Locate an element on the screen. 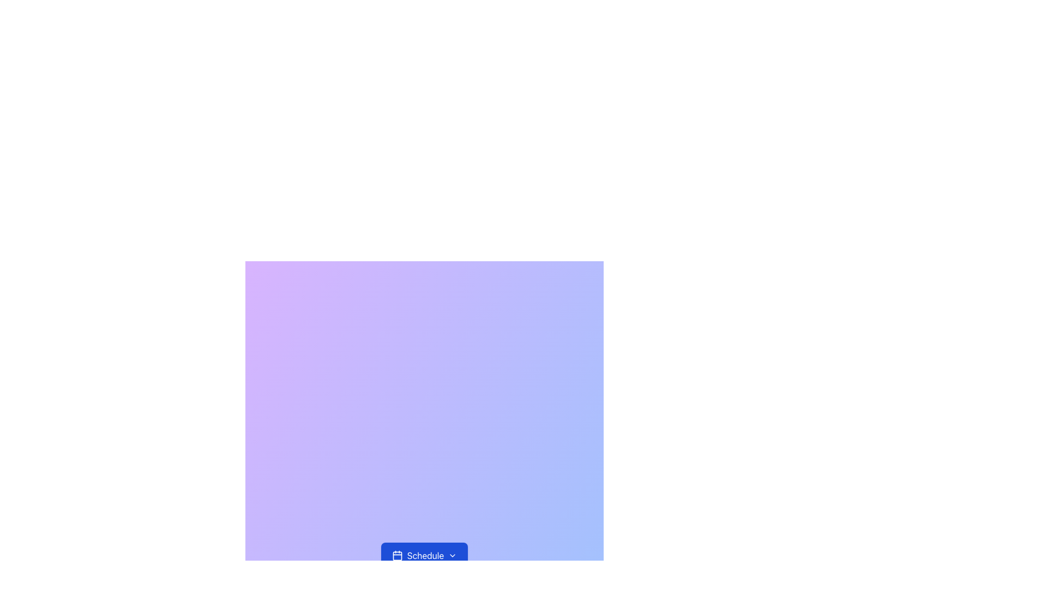  the 'Schedule' button which features a blue calendar icon on the left side is located at coordinates (396, 555).